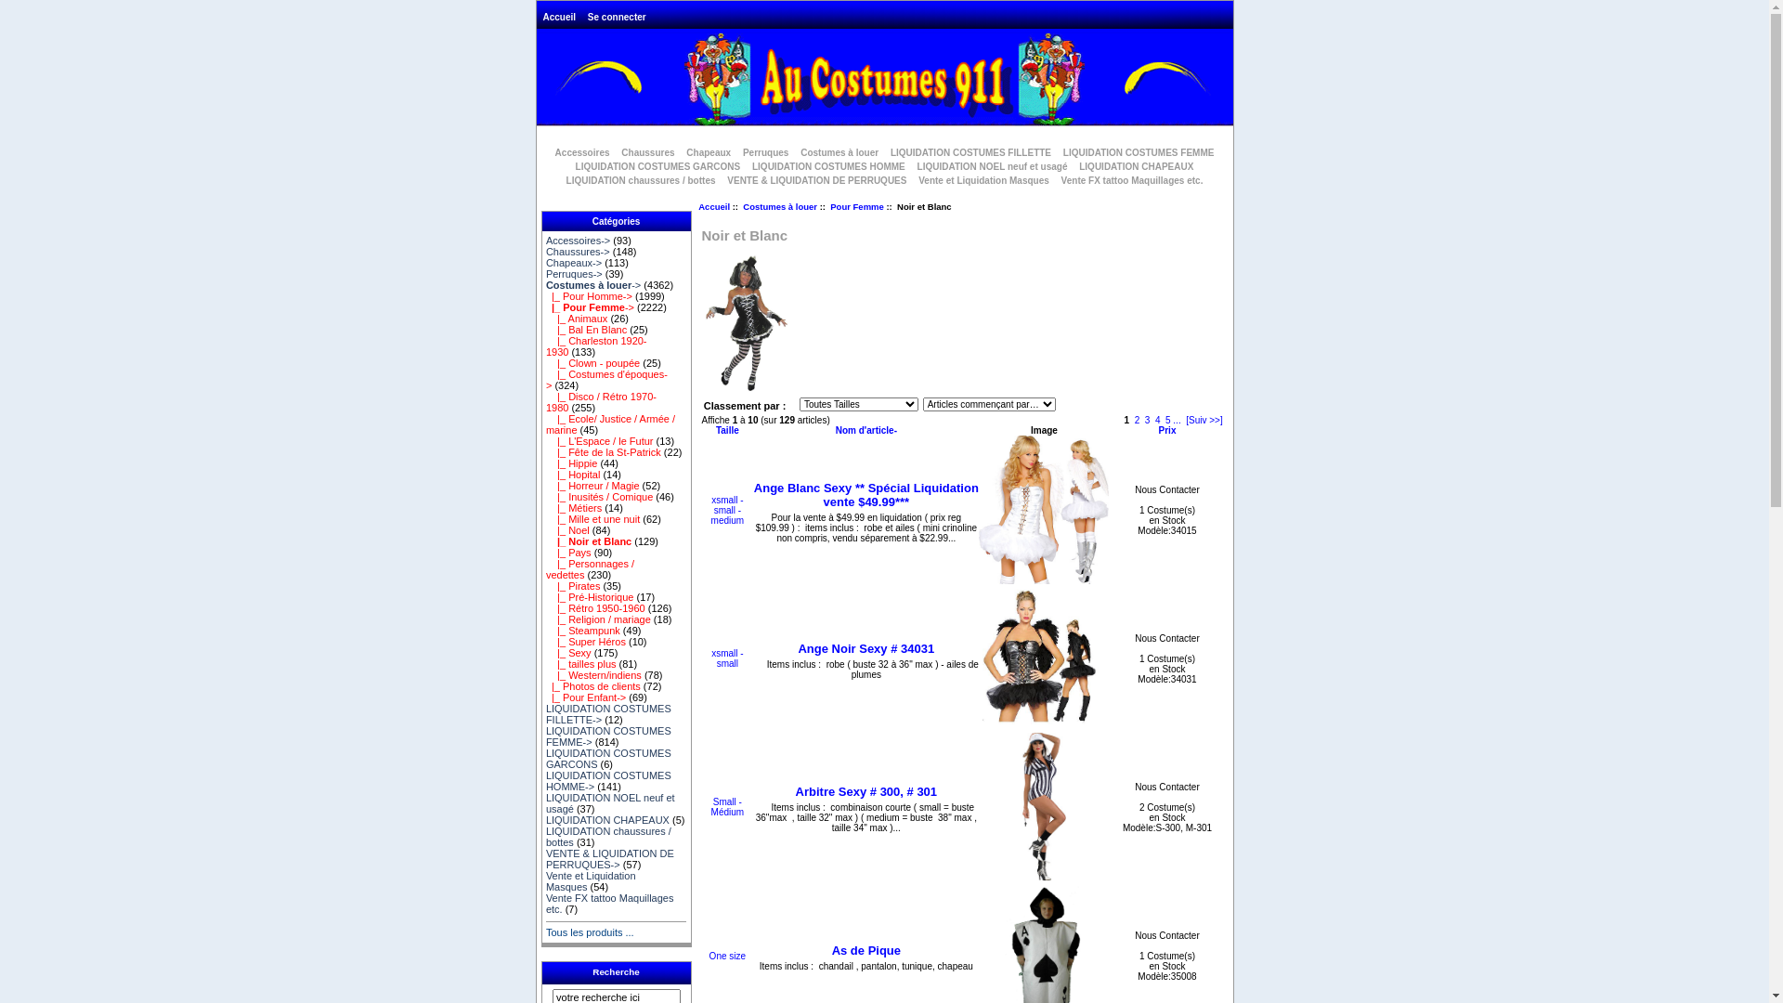  I want to click on '    |_ Religion / mariage', so click(545, 619).